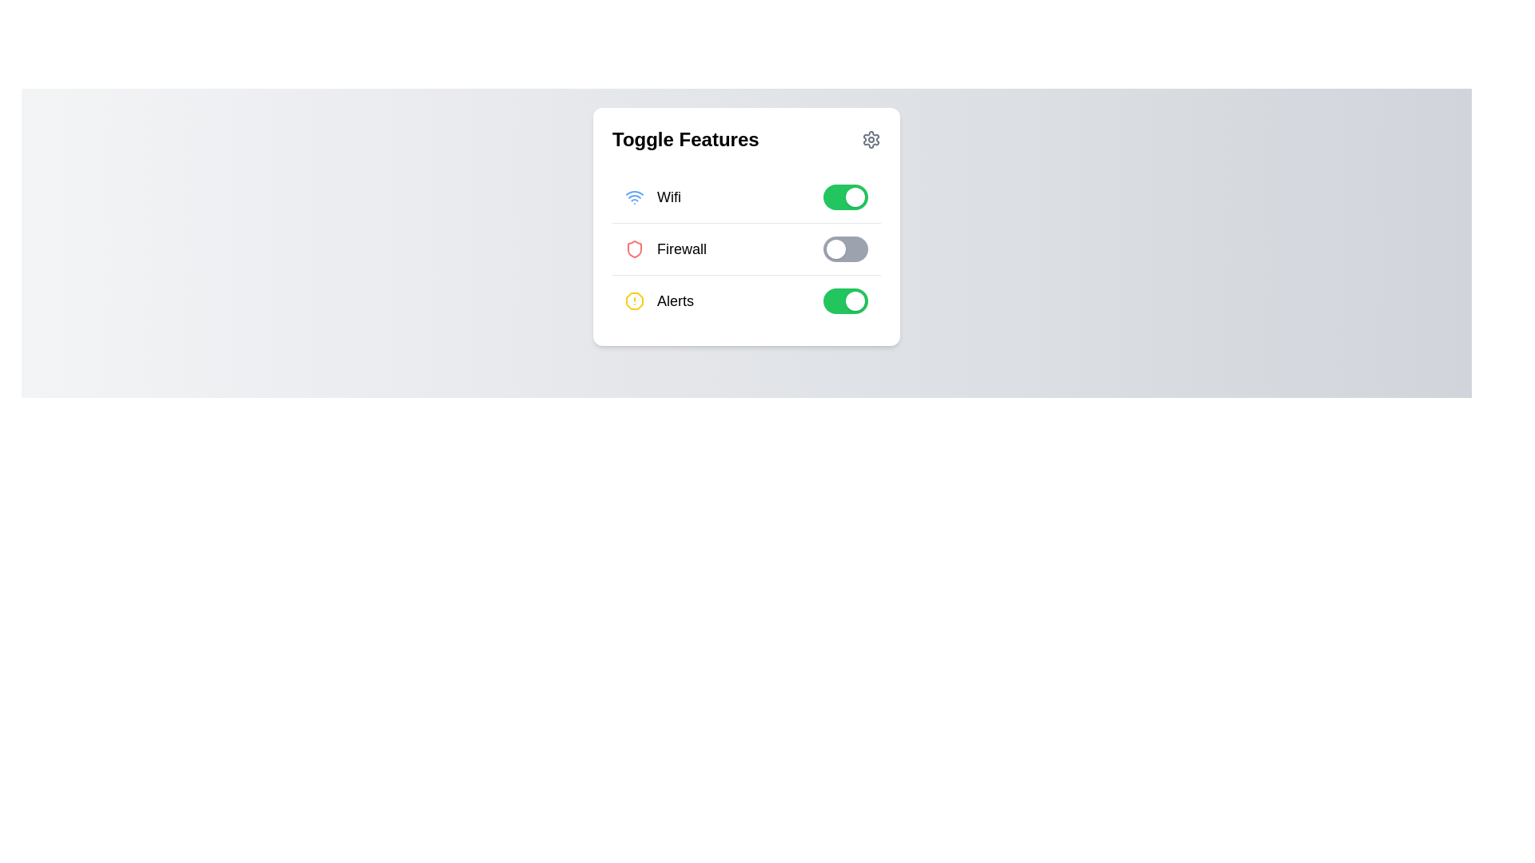 The height and width of the screenshot is (863, 1535). What do you see at coordinates (870, 138) in the screenshot?
I see `the gear icon button in the upper-right corner of the header box` at bounding box center [870, 138].